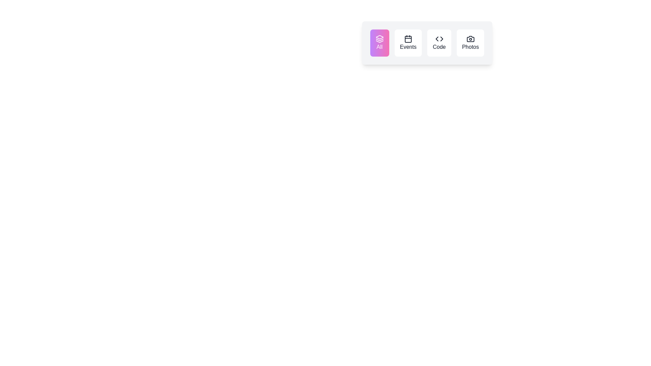 Image resolution: width=651 pixels, height=366 pixels. I want to click on the 'Events' text label which is styled in bold font and positioned below a calendar icon within an interactive button, so click(408, 46).